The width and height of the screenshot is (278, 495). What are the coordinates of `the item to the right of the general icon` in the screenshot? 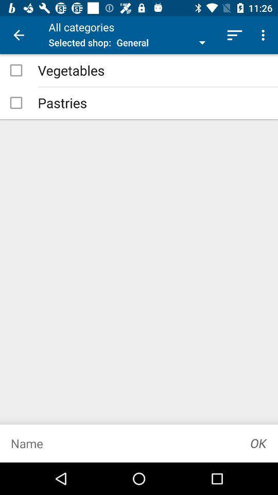 It's located at (234, 35).